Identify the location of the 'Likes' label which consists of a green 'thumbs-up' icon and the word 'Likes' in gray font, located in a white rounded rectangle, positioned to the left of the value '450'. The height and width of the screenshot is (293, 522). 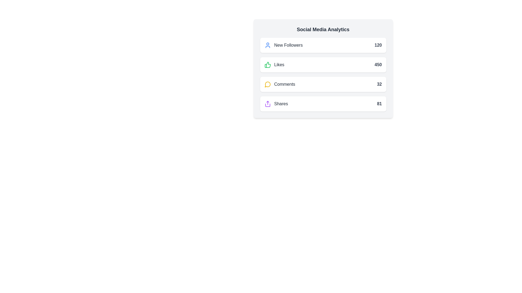
(274, 65).